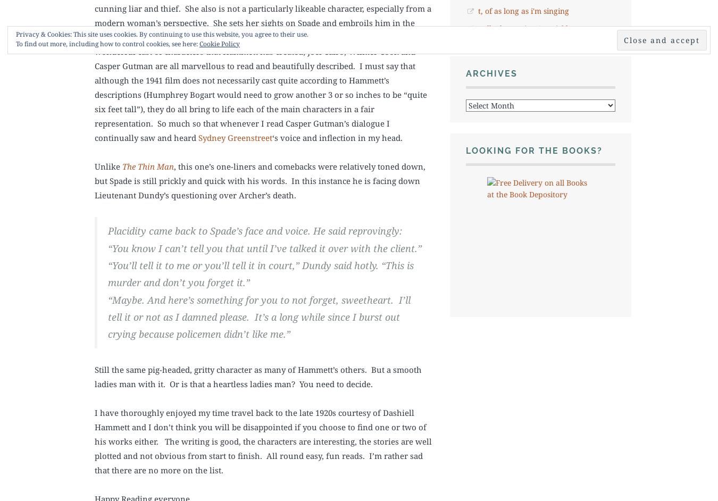 The width and height of the screenshot is (718, 501). What do you see at coordinates (263, 440) in the screenshot?
I see `'I have thoroughly enjoyed my time travel back to the late 1920s courtesy of Dashiell Hammett and I don’t think you will be disappointed if you choose to find one or two of his works either.   The writing is good, the characters are interesting, the stories are well plotted and not obvious from start to finish.  All round easy, fun reads.  I’m rather sad that there are no more on the list.'` at bounding box center [263, 440].